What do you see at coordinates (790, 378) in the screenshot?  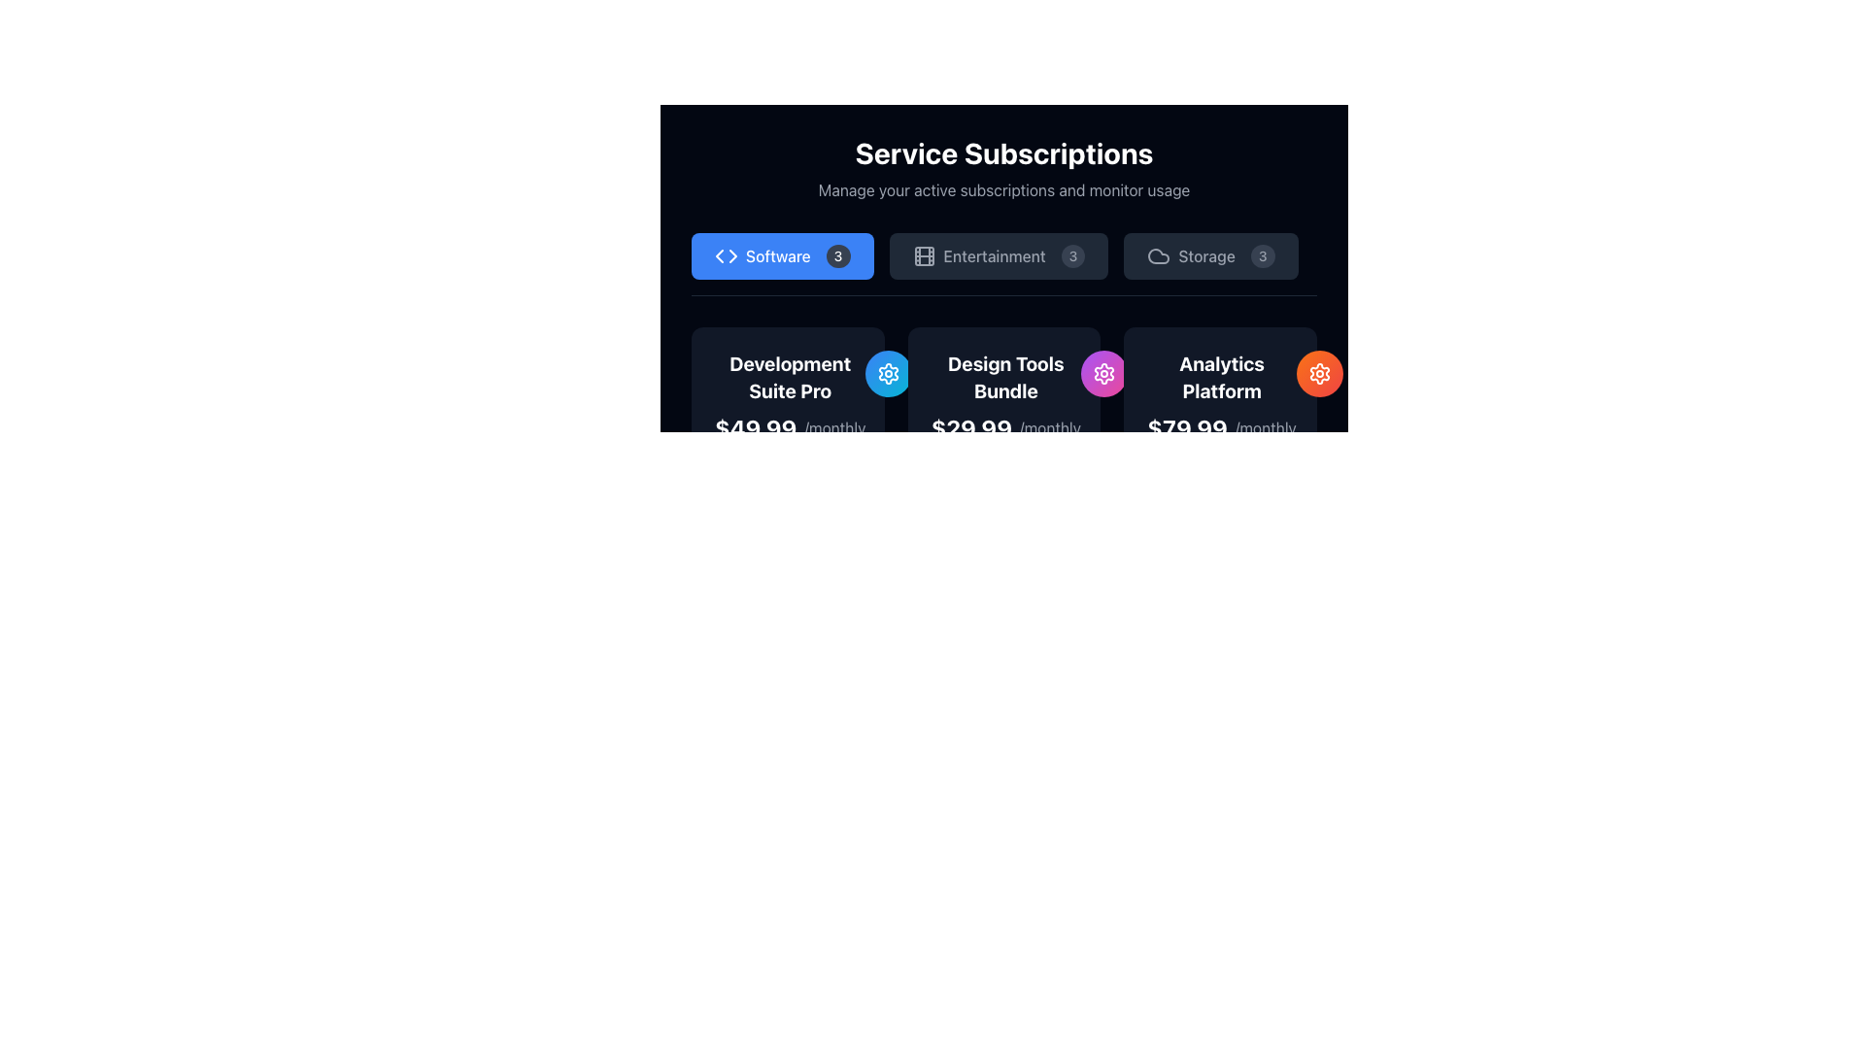 I see `the static text label component that serves as the title for the 'Development Suite Pro' product, positioned above the pricing information within its card layout` at bounding box center [790, 378].